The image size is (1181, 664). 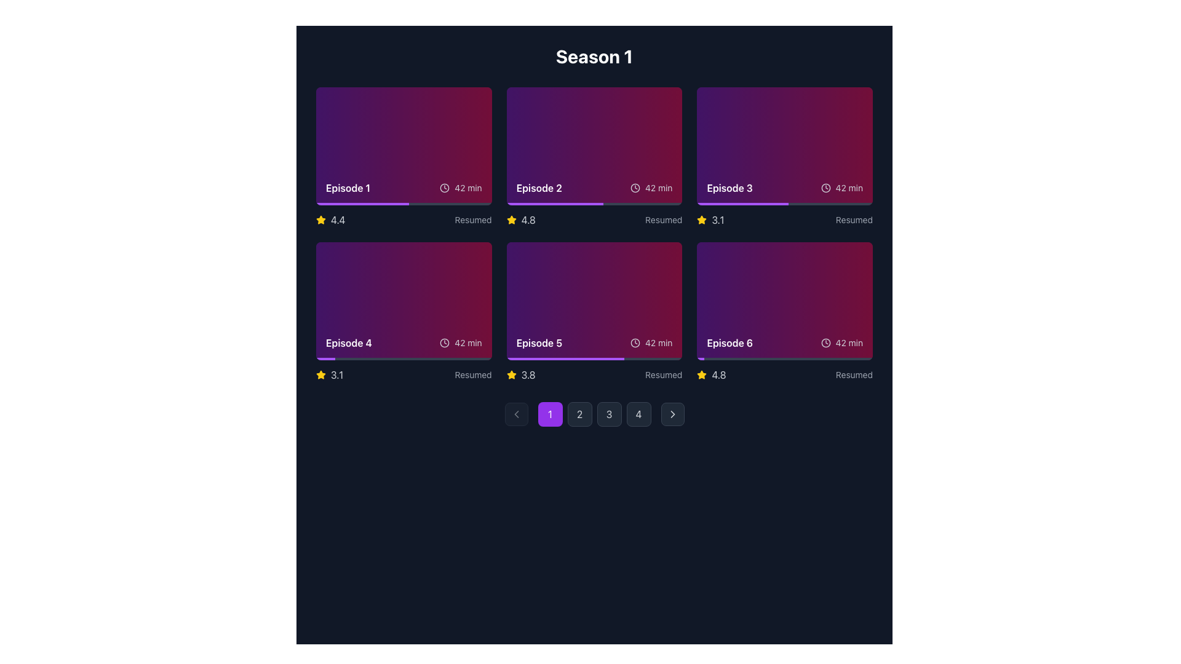 What do you see at coordinates (594, 203) in the screenshot?
I see `the progress bar located underneath the 'Episode 2' content block, which is a thin horizontally oriented bar with a gray background and a filled purple portion indicating progress` at bounding box center [594, 203].